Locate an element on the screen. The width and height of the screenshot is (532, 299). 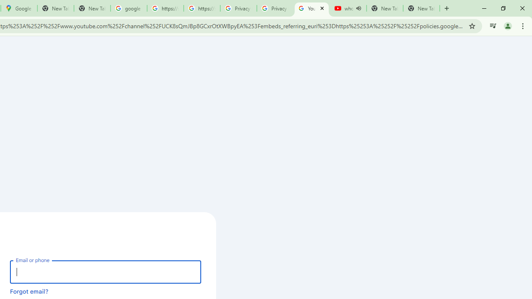
'YouTube' is located at coordinates (311, 8).